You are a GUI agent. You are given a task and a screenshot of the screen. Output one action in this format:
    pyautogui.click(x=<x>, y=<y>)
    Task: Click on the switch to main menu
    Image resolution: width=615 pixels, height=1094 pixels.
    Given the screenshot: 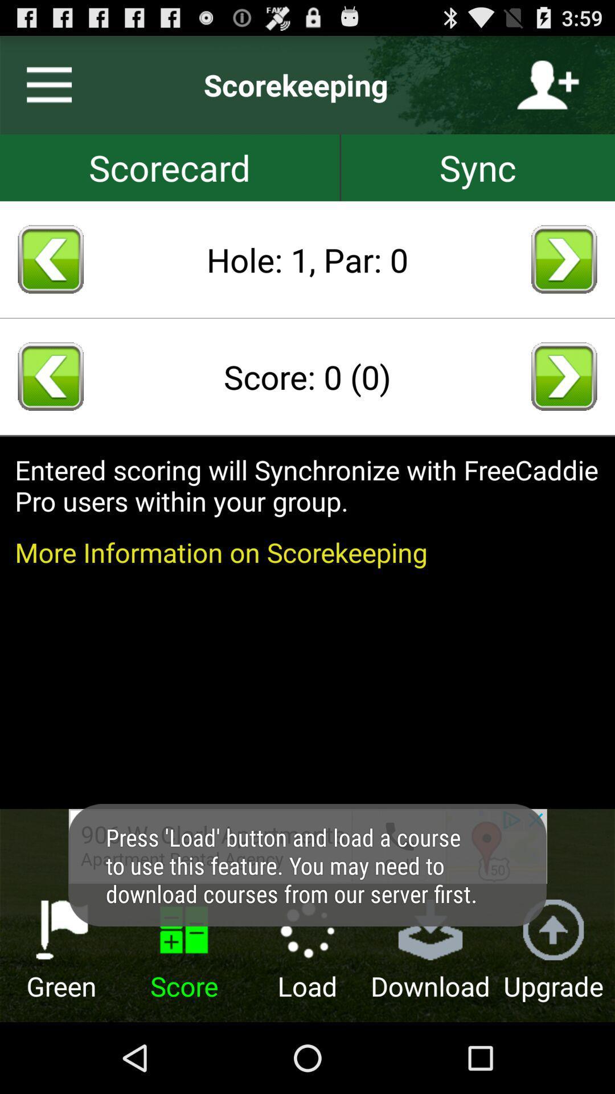 What is the action you would take?
    pyautogui.click(x=44, y=84)
    